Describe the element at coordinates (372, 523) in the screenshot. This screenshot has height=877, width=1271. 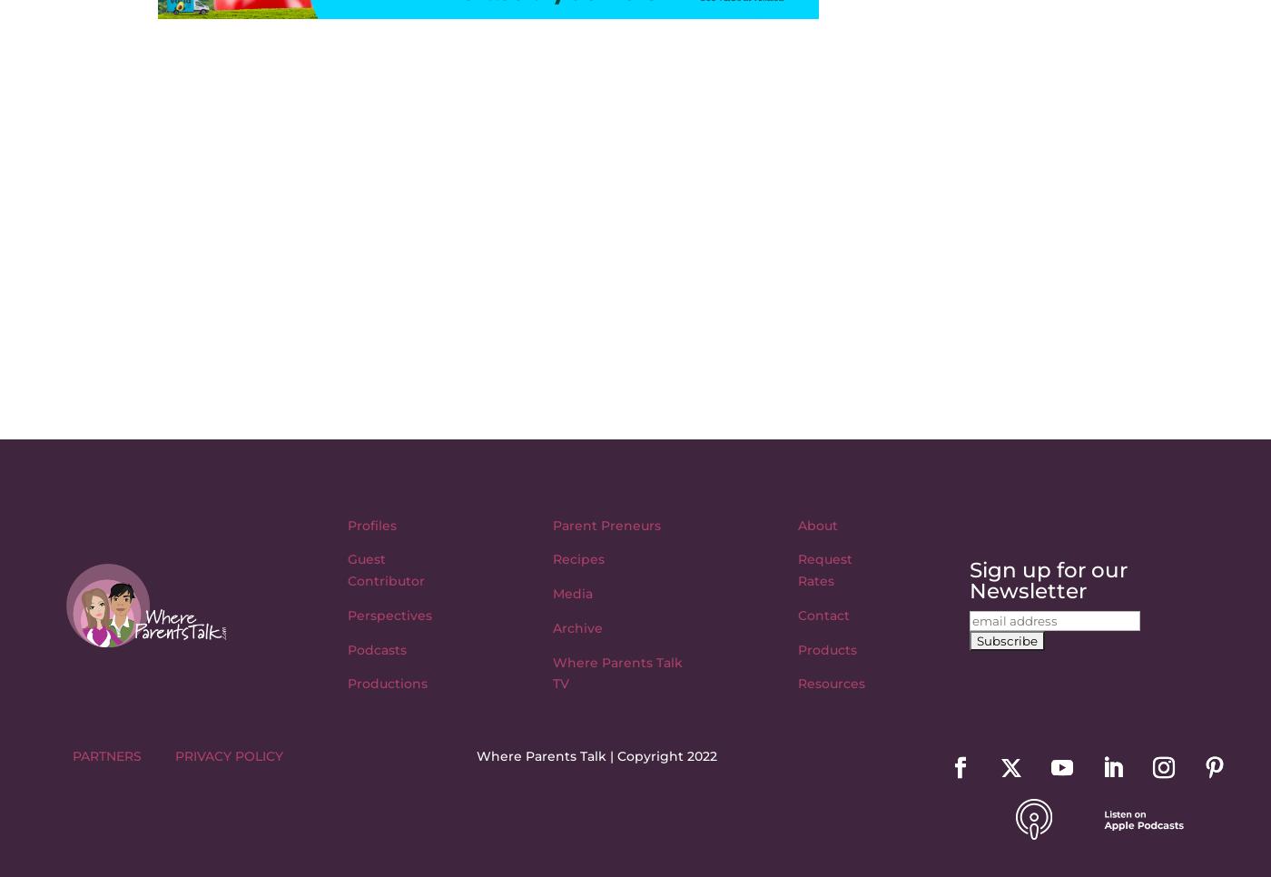
I see `'Profiles'` at that location.